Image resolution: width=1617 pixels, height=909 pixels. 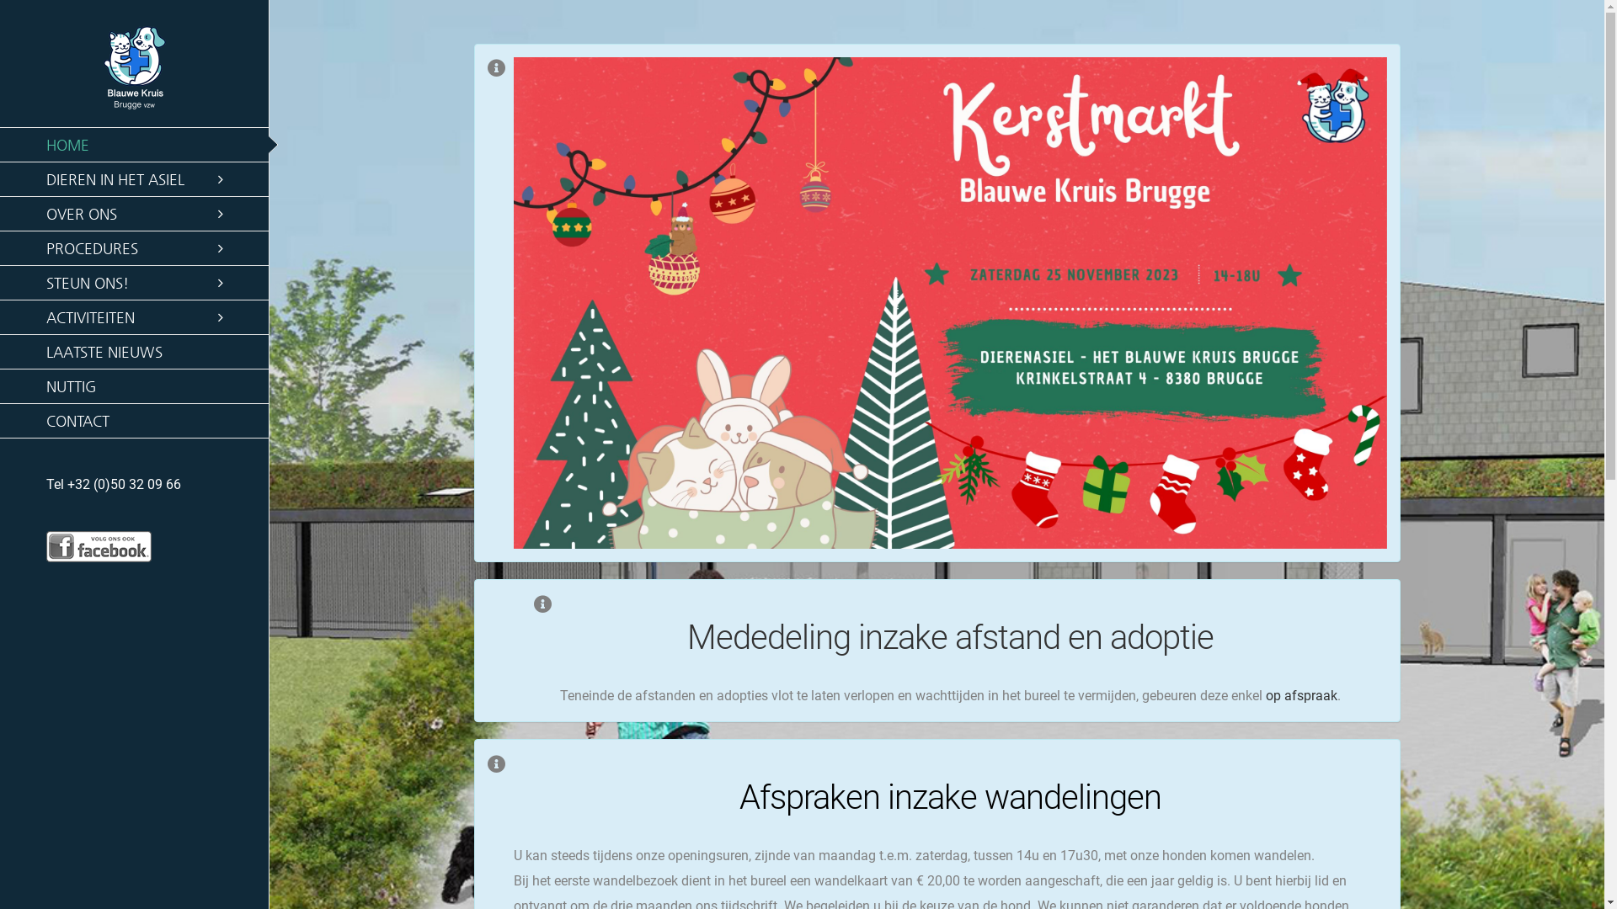 What do you see at coordinates (1299, 695) in the screenshot?
I see `'op afspraak'` at bounding box center [1299, 695].